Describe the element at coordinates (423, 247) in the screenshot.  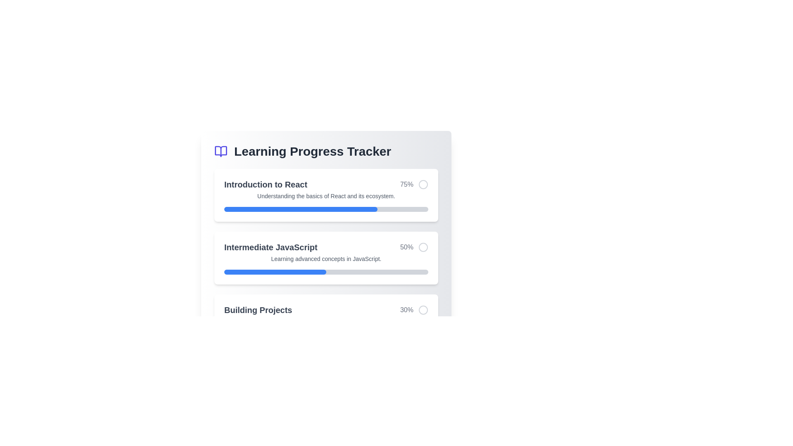
I see `the circular icon with a gray border located next to the '50%' text in the progress bar section` at that location.